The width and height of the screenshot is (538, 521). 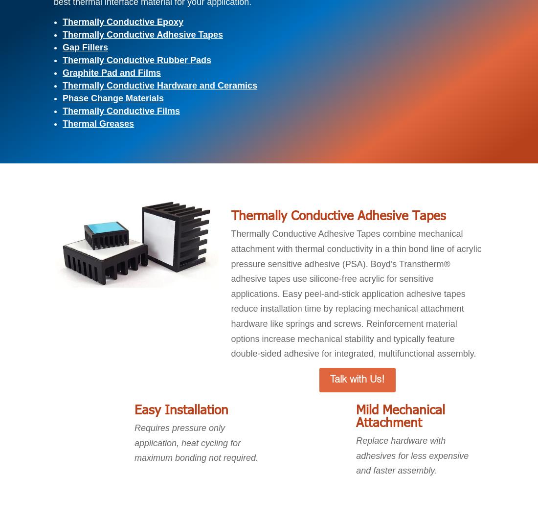 I want to click on 'Thermally Conductive Hardware and Ceramics', so click(x=159, y=85).